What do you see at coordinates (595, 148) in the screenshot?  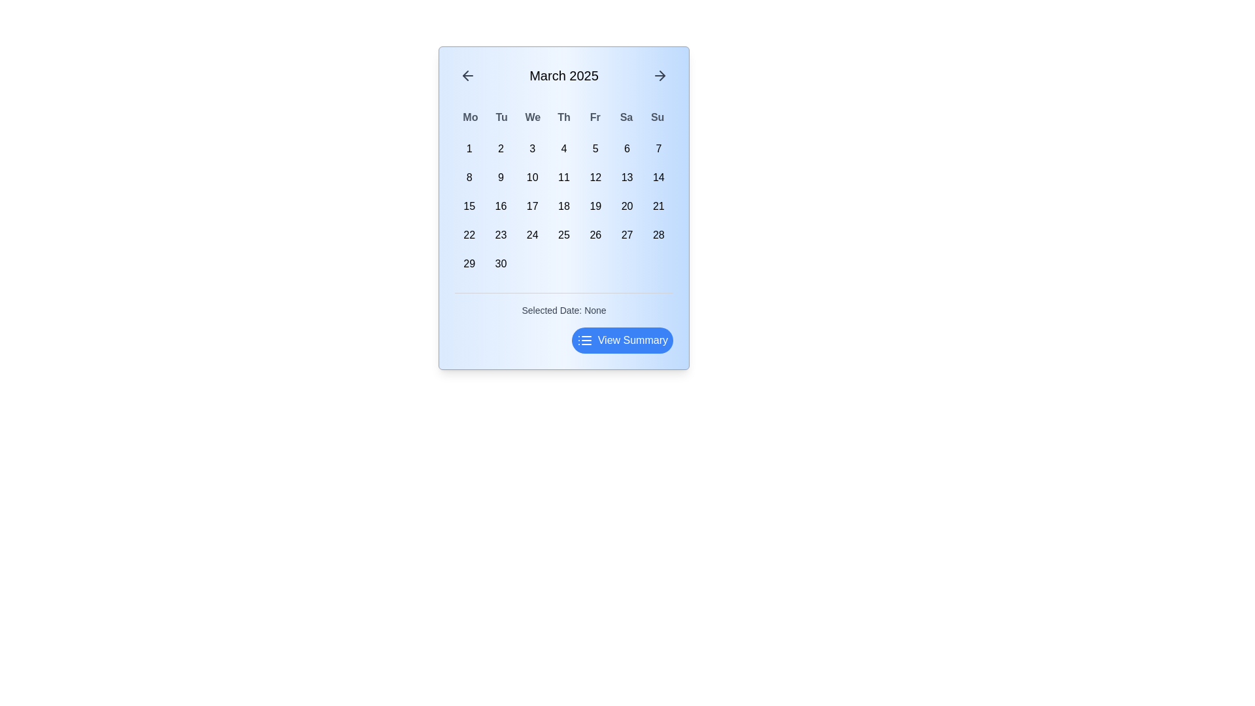 I see `the circular interactive button displaying the number '5'` at bounding box center [595, 148].